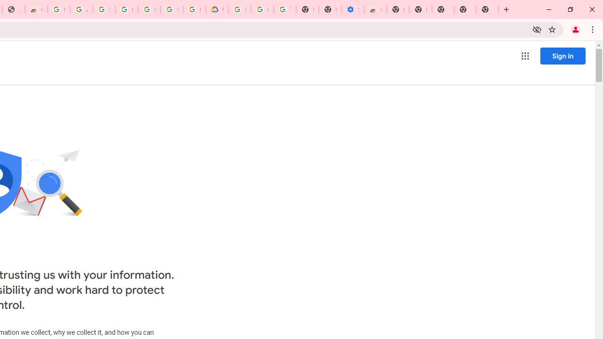  Describe the element at coordinates (104, 9) in the screenshot. I see `'Sign in - Google Accounts'` at that location.